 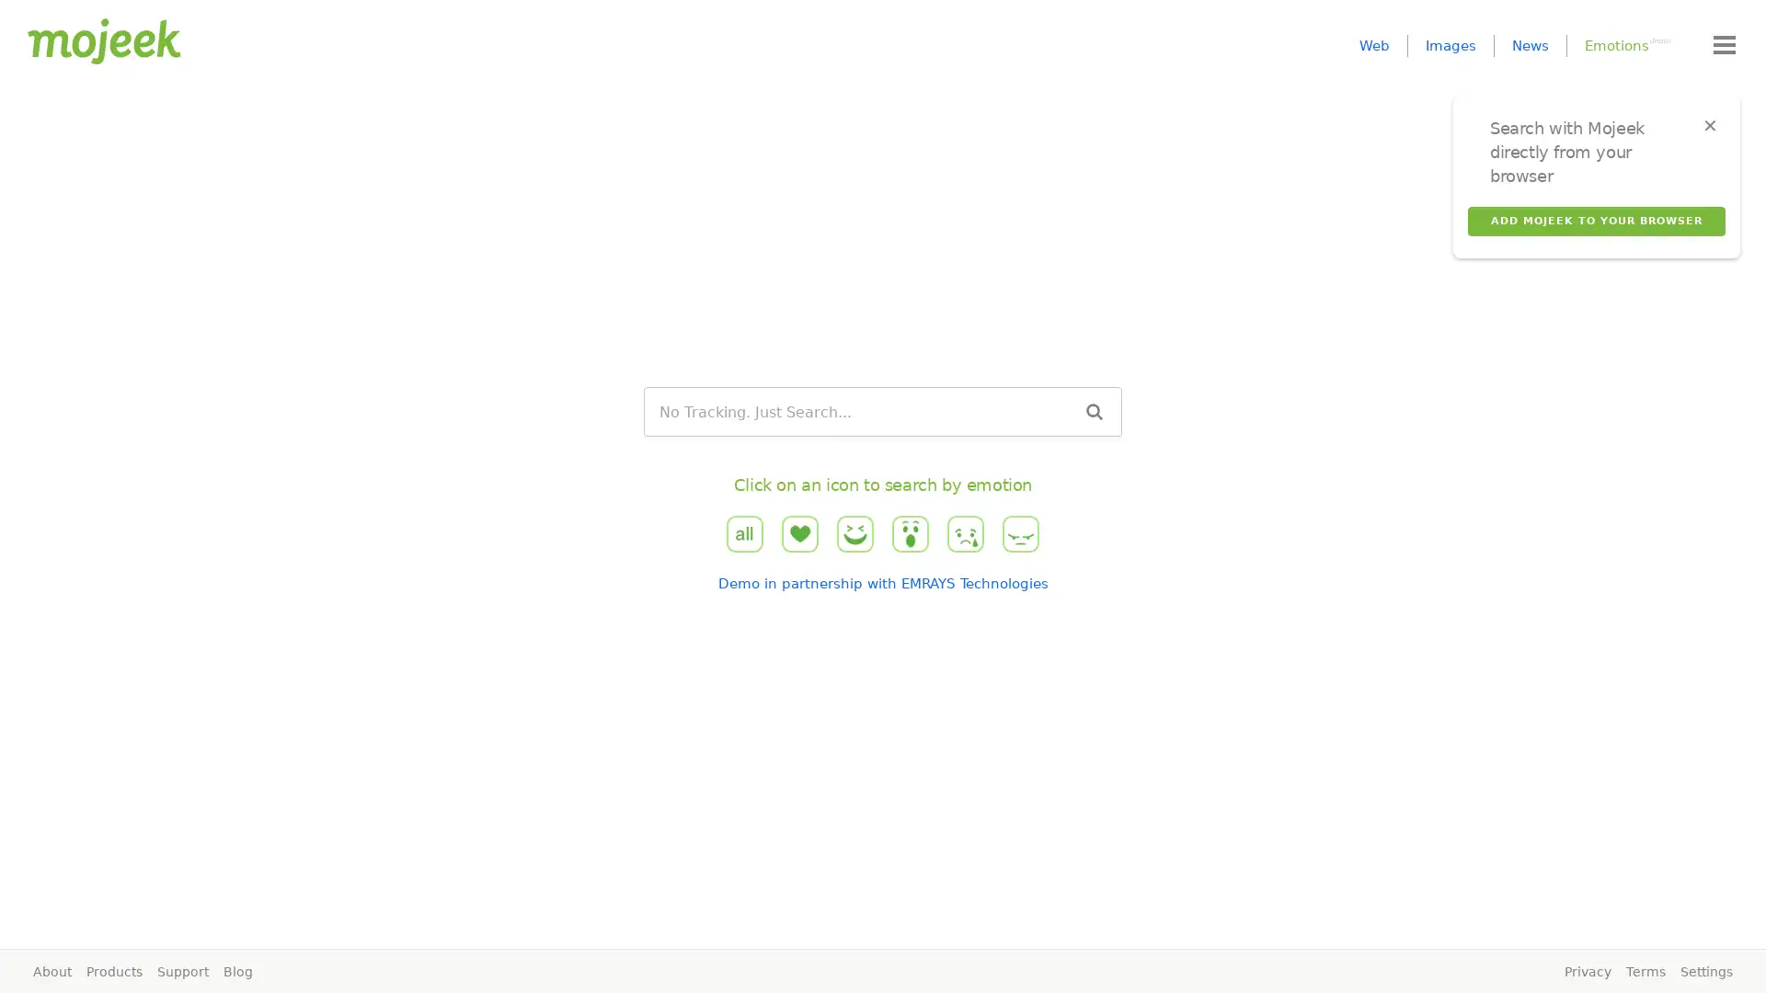 What do you see at coordinates (910, 534) in the screenshot?
I see `wow` at bounding box center [910, 534].